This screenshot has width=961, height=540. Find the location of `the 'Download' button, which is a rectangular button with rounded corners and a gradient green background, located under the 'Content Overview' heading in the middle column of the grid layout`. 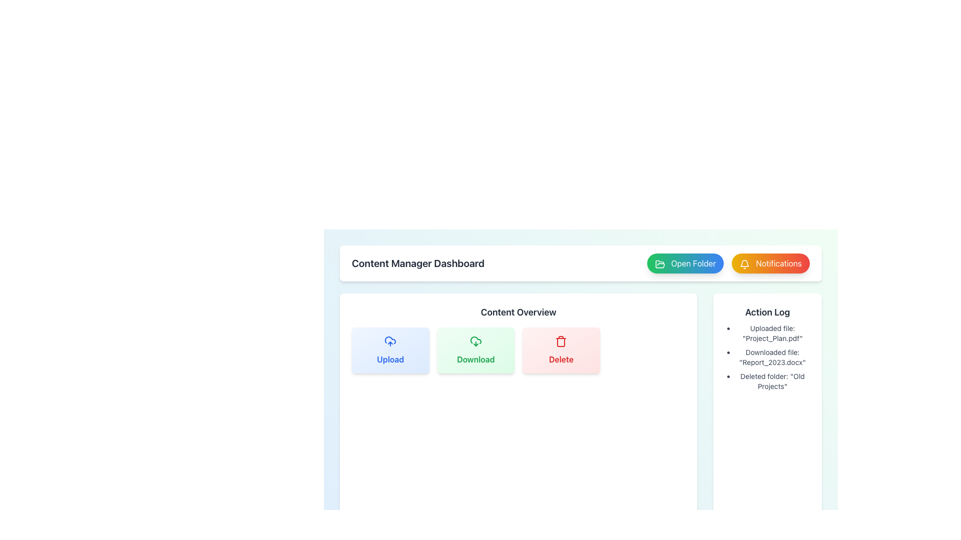

the 'Download' button, which is a rectangular button with rounded corners and a gradient green background, located under the 'Content Overview' heading in the middle column of the grid layout is located at coordinates (475, 350).